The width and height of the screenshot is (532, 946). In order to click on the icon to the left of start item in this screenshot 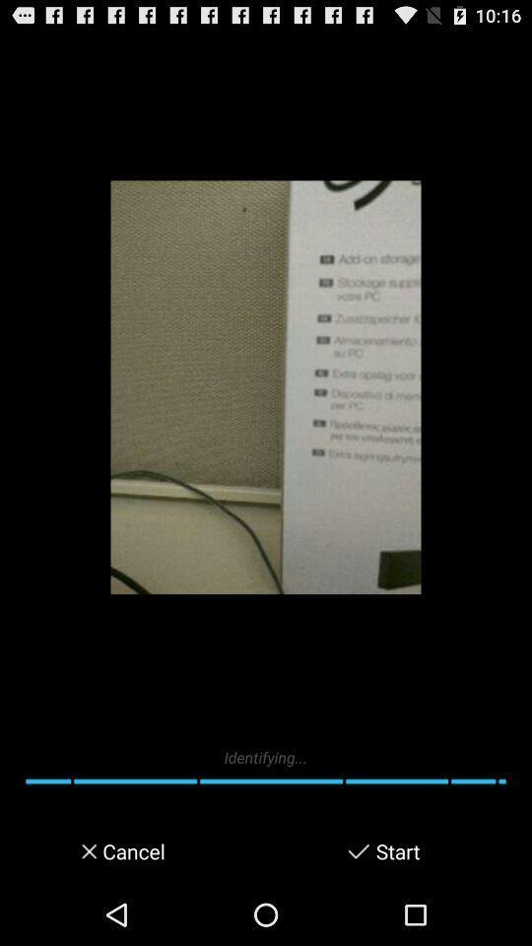, I will do `click(358, 850)`.